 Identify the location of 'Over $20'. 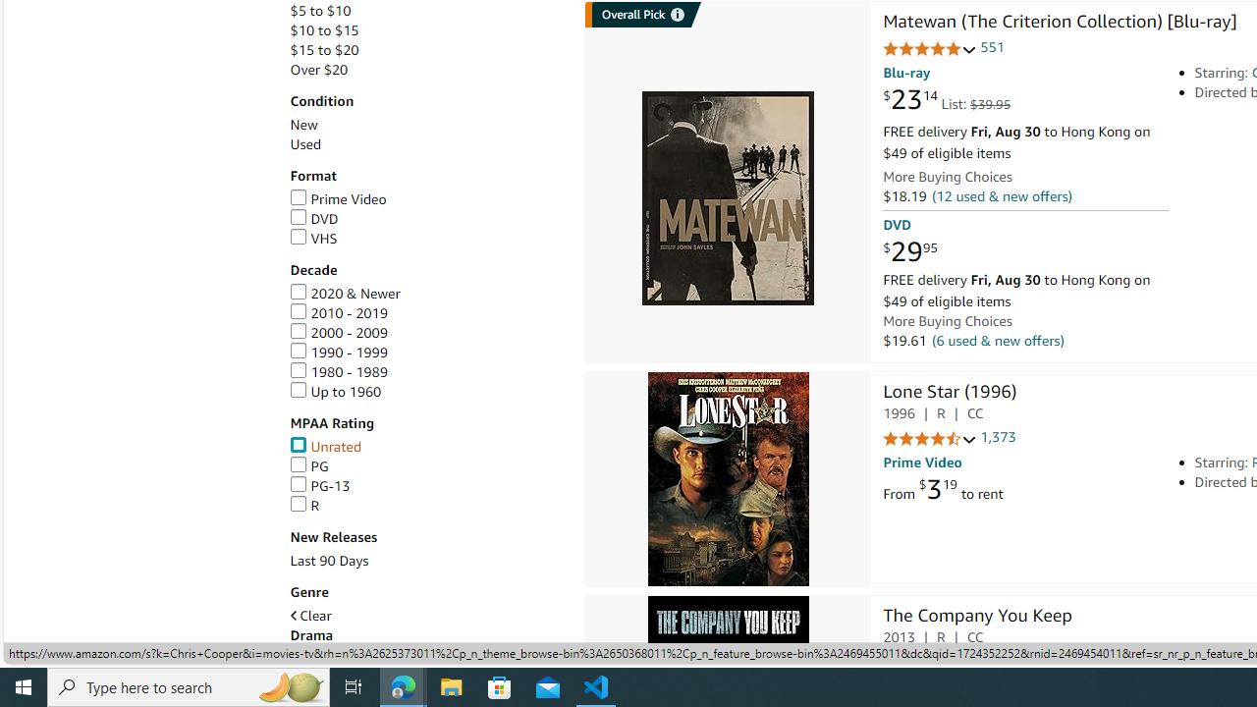
(318, 69).